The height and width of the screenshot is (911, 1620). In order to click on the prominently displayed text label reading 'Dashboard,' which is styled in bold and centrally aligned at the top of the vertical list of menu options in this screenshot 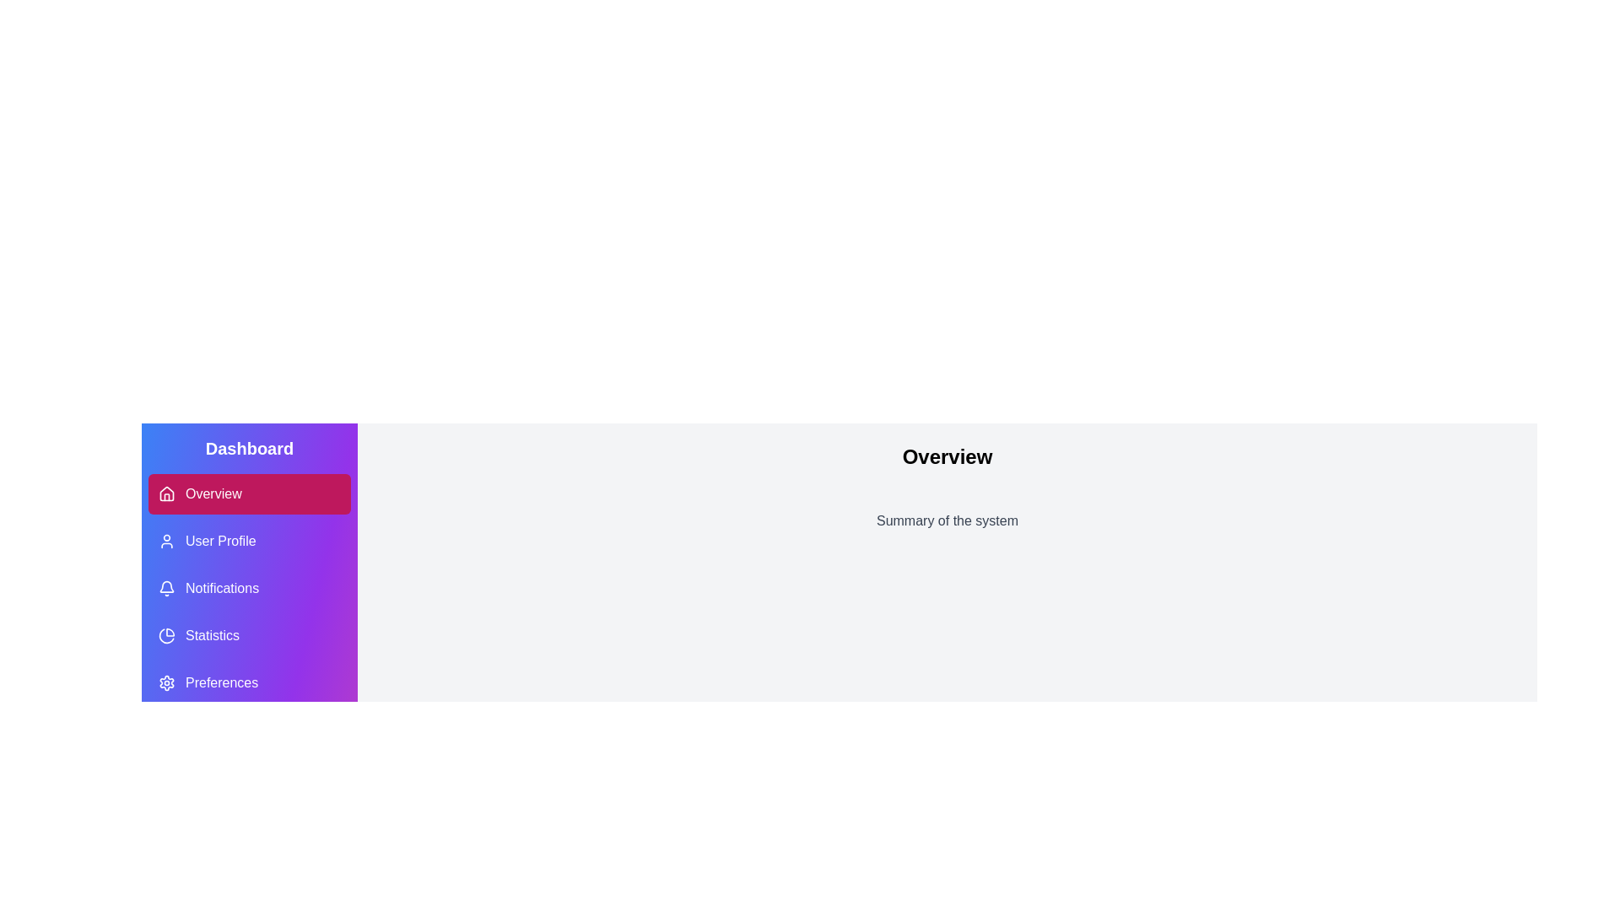, I will do `click(249, 448)`.